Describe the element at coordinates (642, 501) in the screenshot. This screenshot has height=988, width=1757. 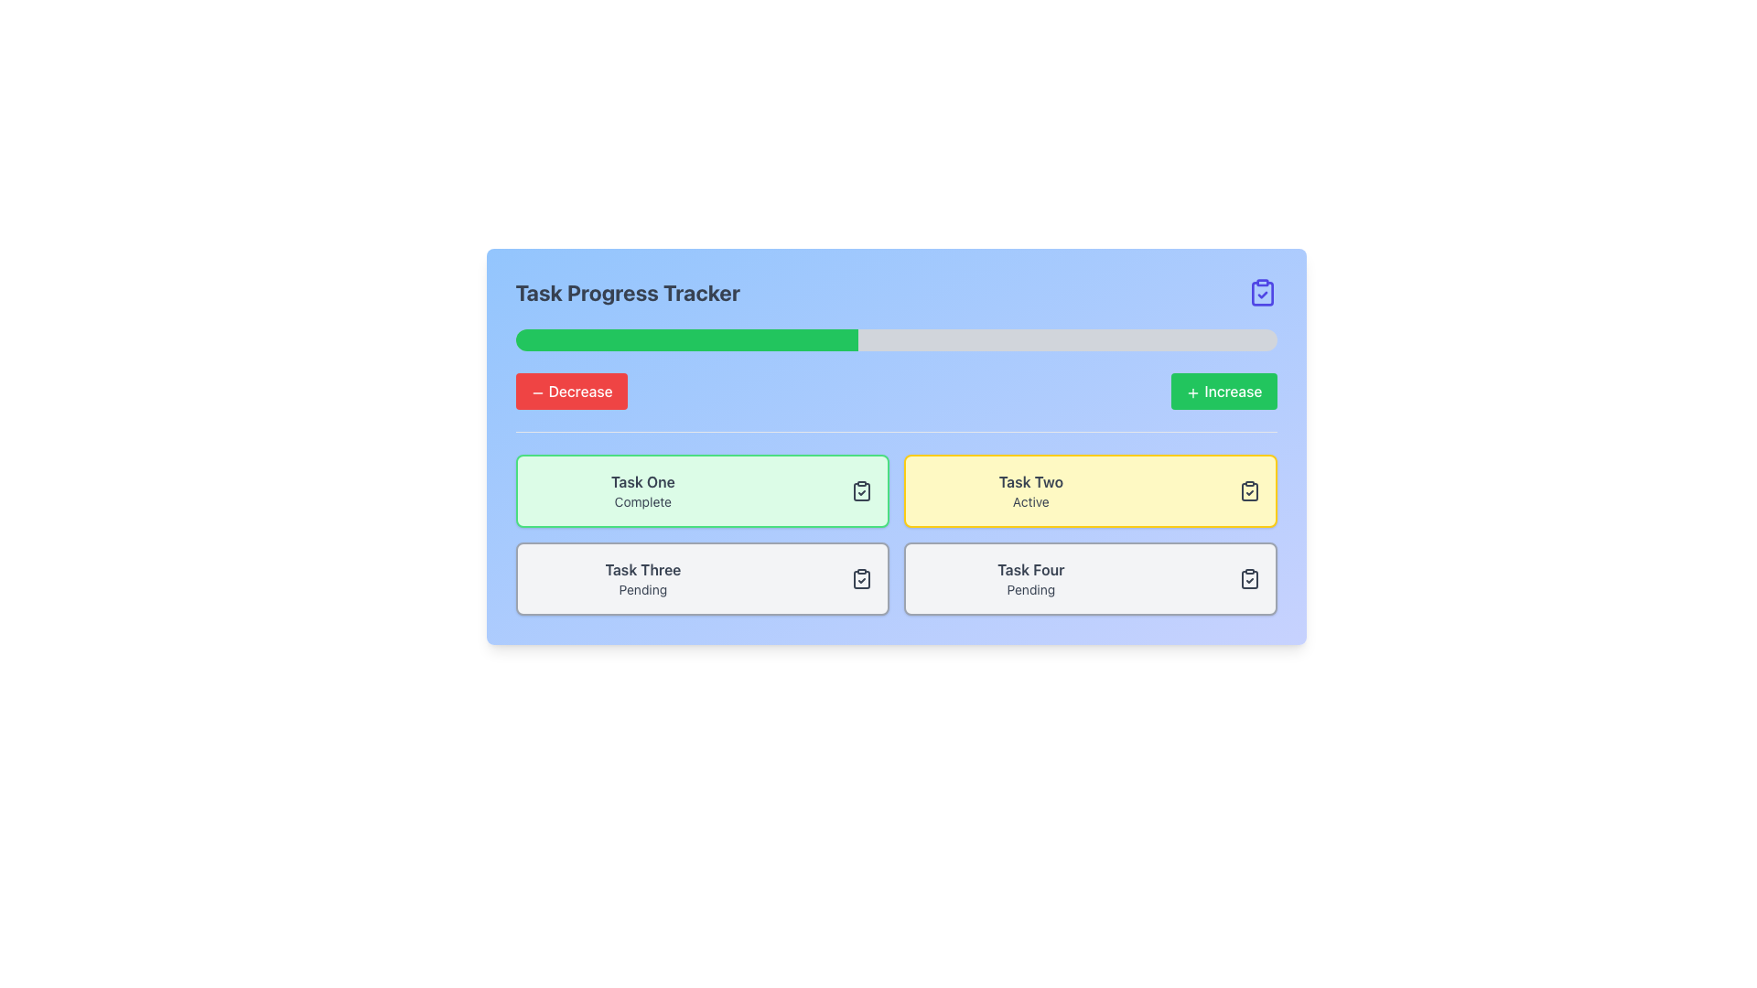
I see `the Status label indicating the completion of 'Task One', which is located within a light green box directly under the text 'Task One'` at that location.